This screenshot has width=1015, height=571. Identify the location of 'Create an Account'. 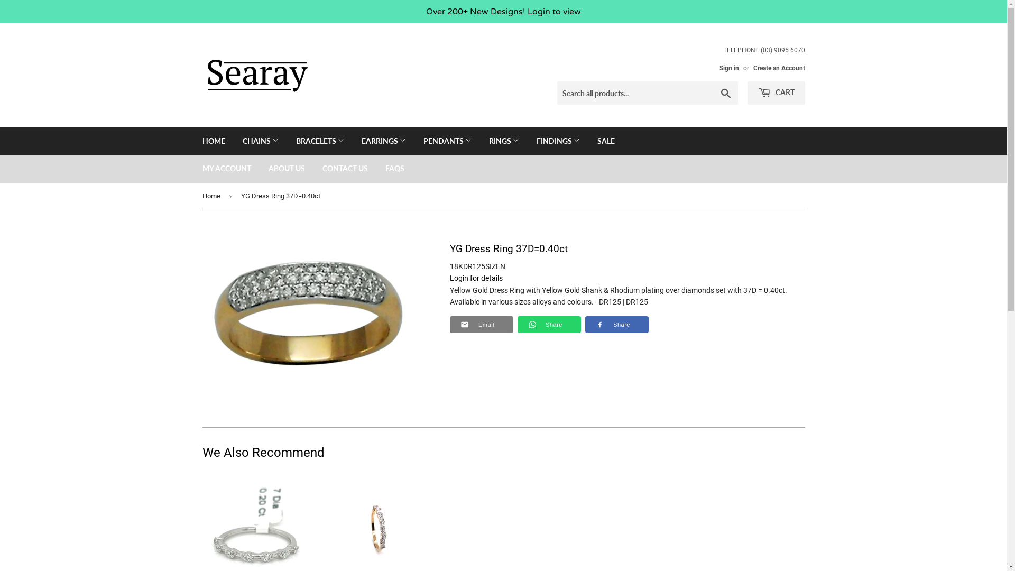
(779, 68).